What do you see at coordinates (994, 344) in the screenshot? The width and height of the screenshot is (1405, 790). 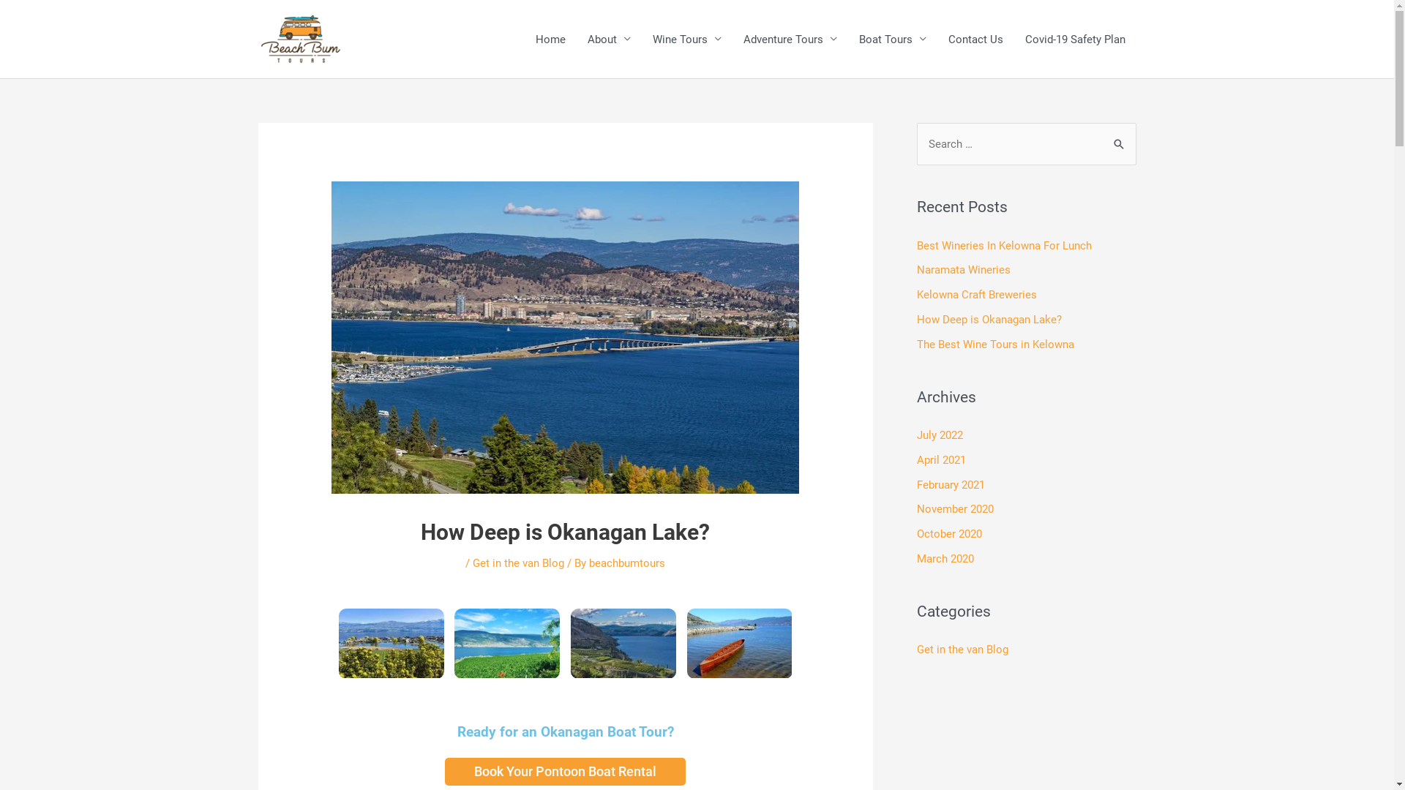 I see `'The Best Wine Tours in Kelowna'` at bounding box center [994, 344].